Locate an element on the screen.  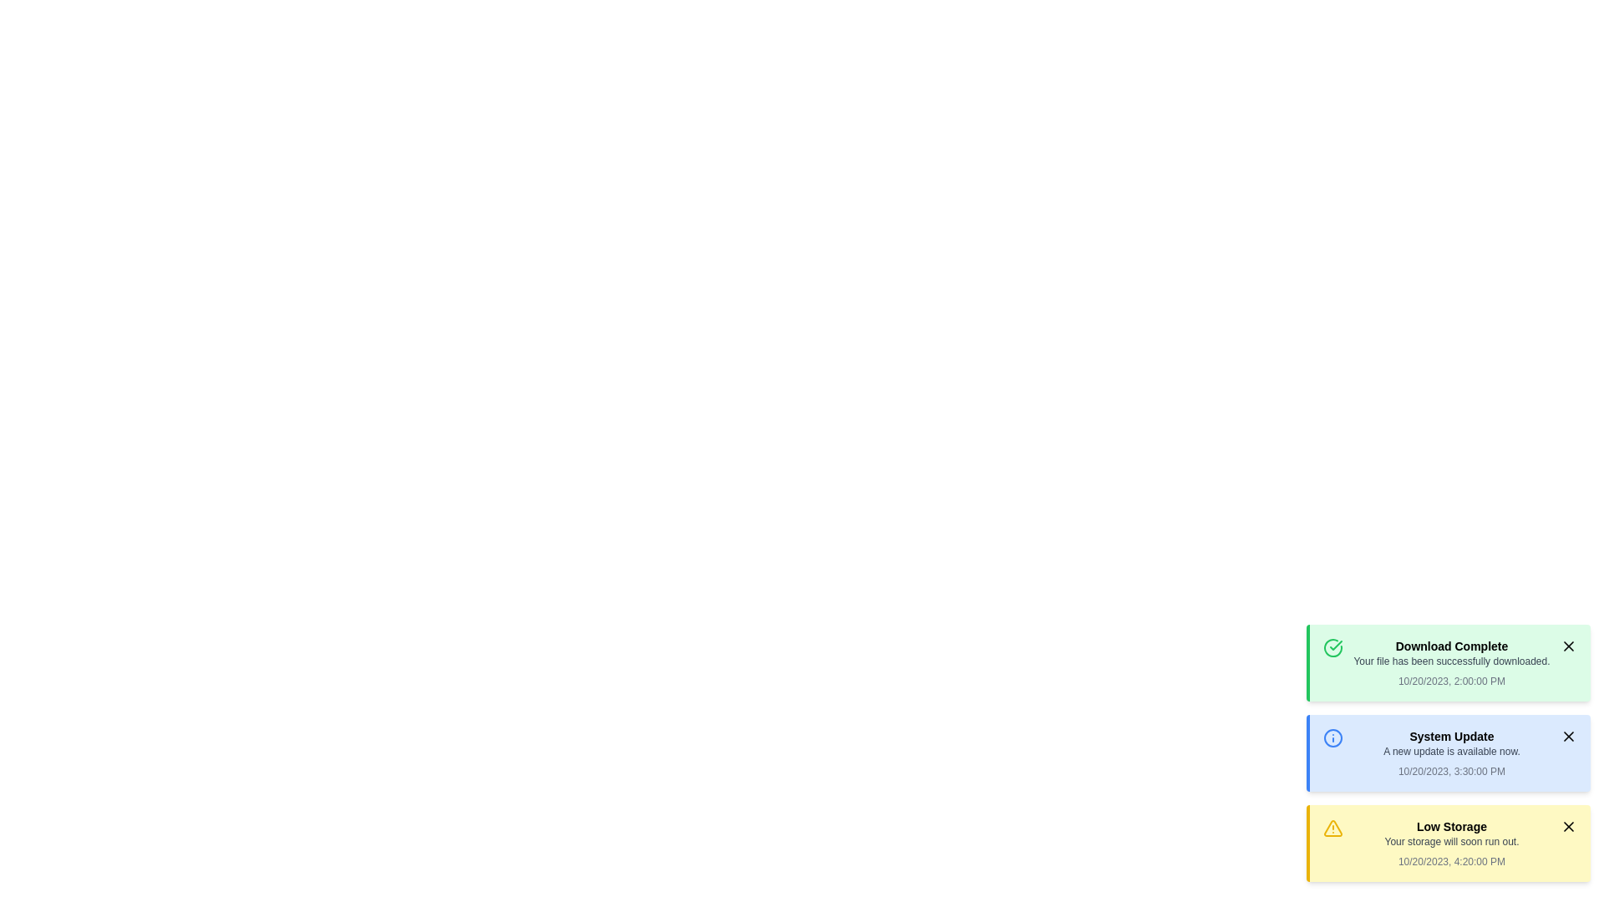
the 'Close' button icon located in the top right corner of the 'Download Complete' notification with a green background is located at coordinates (1567, 646).